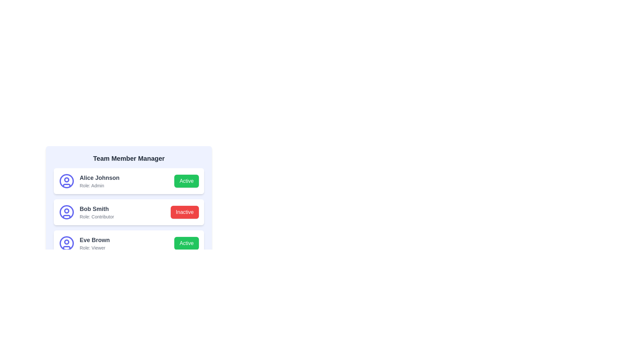 This screenshot has width=622, height=350. What do you see at coordinates (94, 243) in the screenshot?
I see `the Text Display element that shows user information, specifically the name and role, located in the third row of team members, to the right of the user icon and aligned with the green 'Active' button` at bounding box center [94, 243].